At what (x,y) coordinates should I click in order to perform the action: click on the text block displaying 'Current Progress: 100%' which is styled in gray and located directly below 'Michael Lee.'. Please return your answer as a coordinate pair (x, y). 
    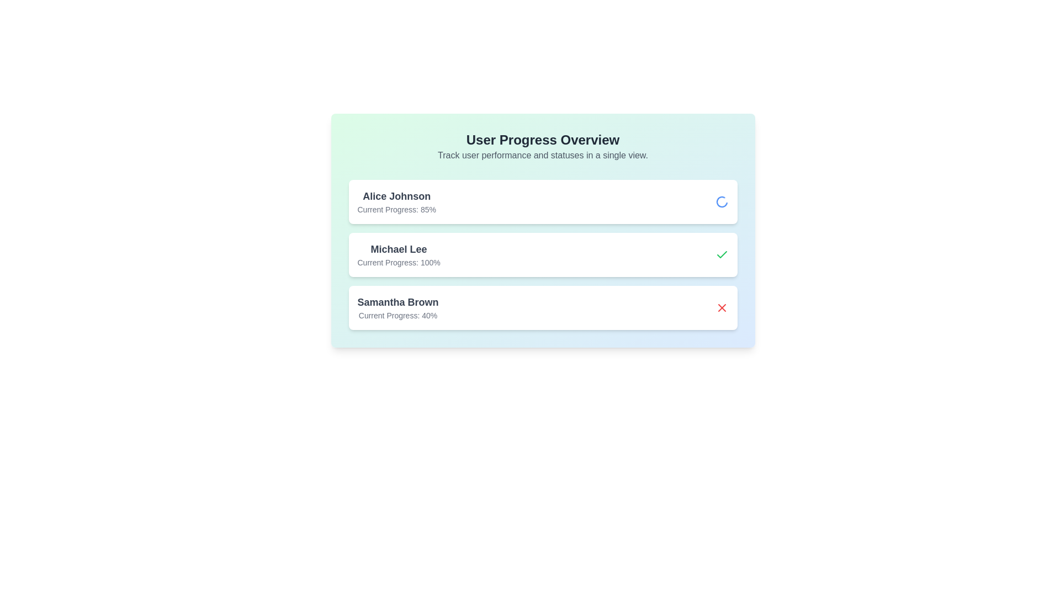
    Looking at the image, I should click on (398, 262).